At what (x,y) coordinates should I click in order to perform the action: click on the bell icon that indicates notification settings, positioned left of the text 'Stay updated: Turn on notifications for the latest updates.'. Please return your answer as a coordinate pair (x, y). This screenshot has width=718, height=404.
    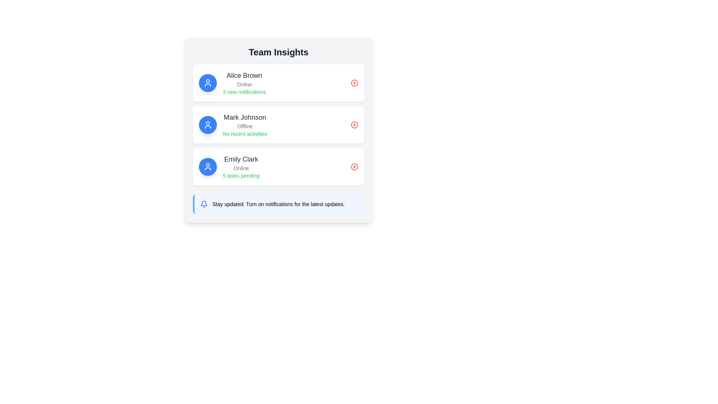
    Looking at the image, I should click on (204, 204).